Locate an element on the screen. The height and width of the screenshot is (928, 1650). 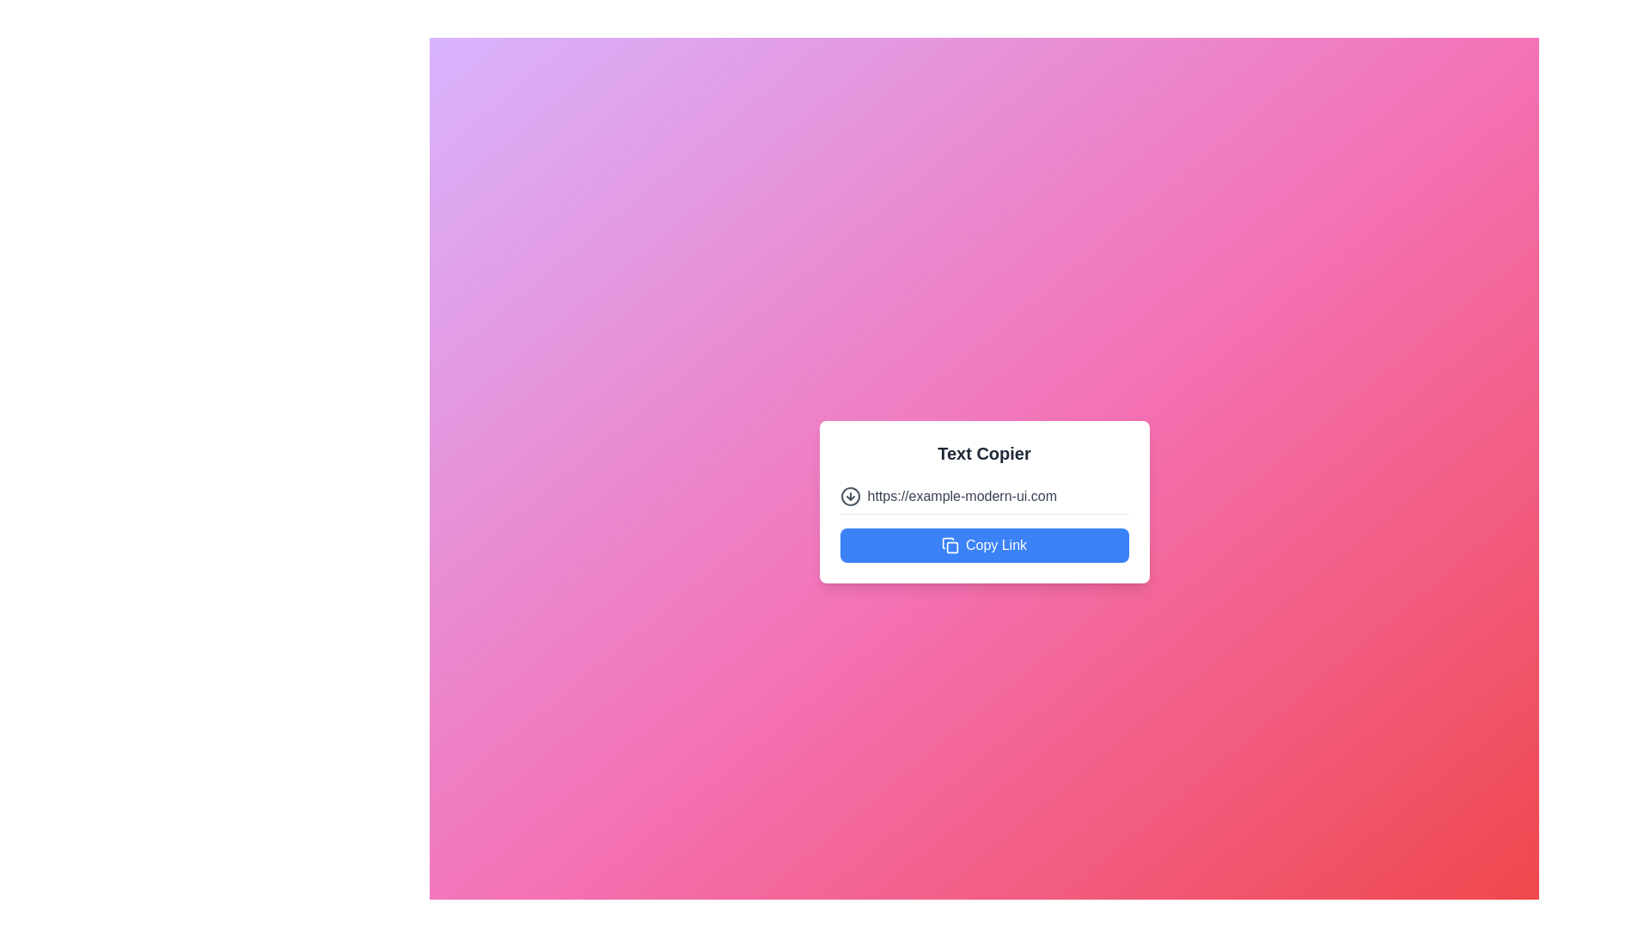
the central small rounded square decorative shape within the SVG icon that is part of the 'Copy Link' button, located near the bottom of the visible card is located at coordinates (951, 546).